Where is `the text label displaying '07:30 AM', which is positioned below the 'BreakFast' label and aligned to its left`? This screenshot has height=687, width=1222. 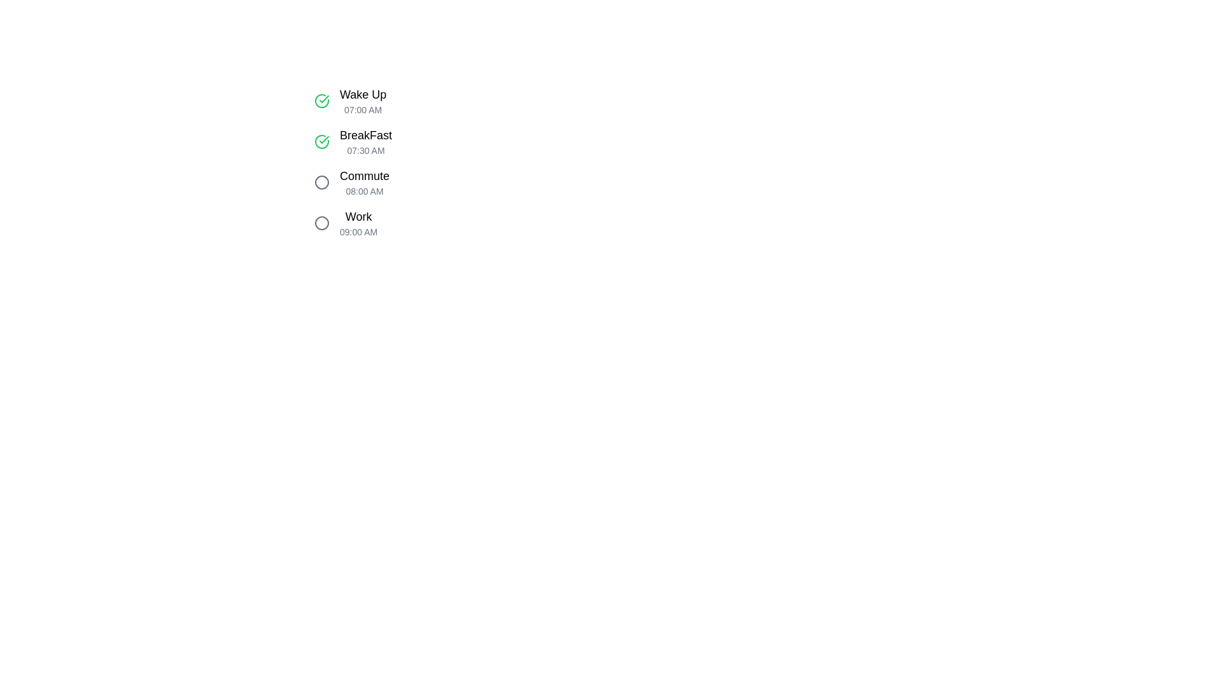
the text label displaying '07:30 AM', which is positioned below the 'BreakFast' label and aligned to its left is located at coordinates (365, 149).